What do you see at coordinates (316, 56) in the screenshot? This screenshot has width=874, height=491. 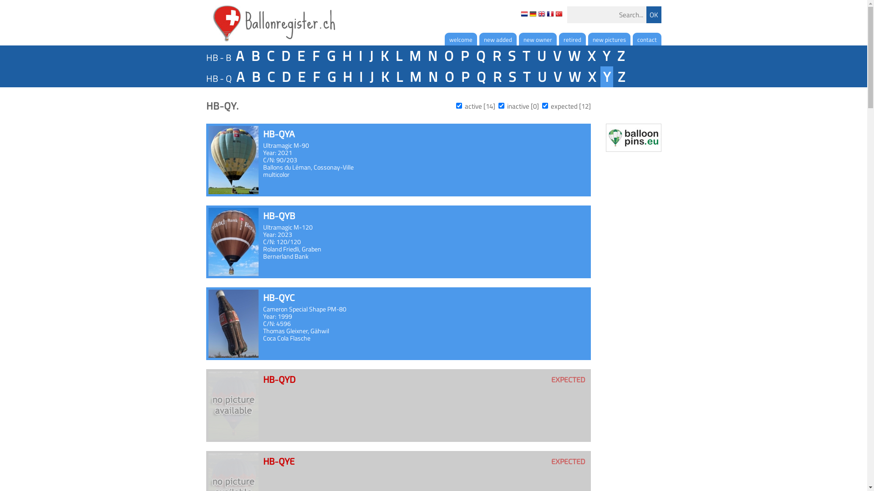 I see `'F'` at bounding box center [316, 56].